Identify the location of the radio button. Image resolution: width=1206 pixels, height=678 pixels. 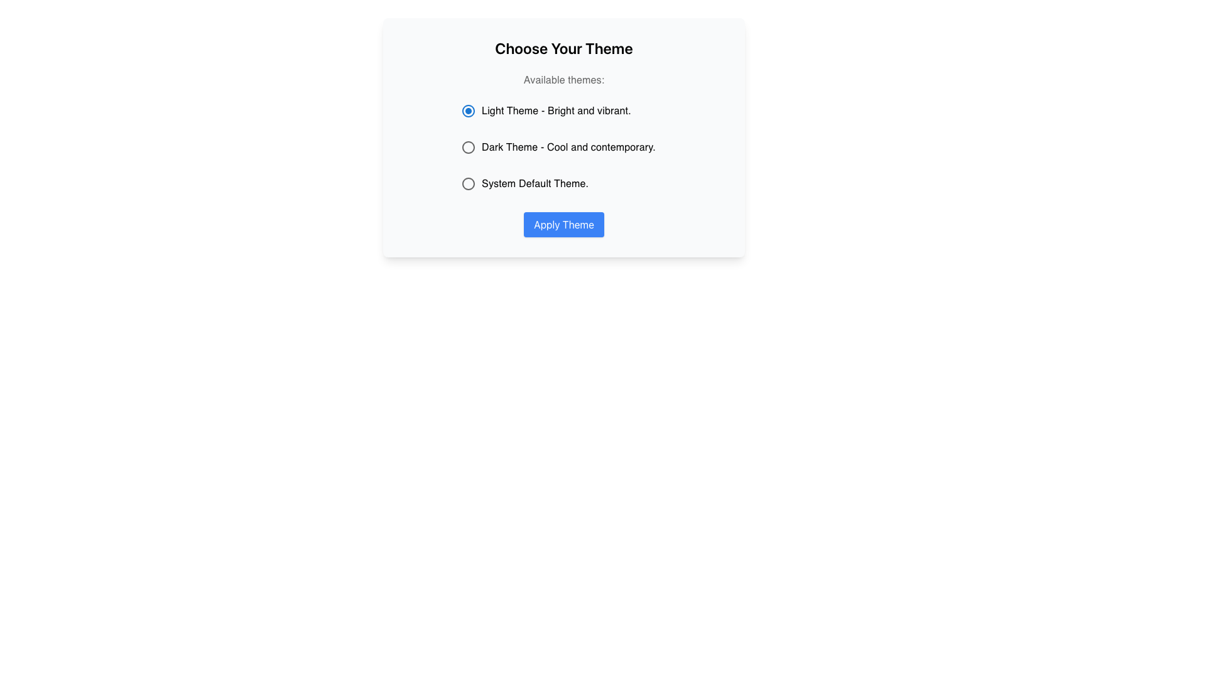
(468, 110).